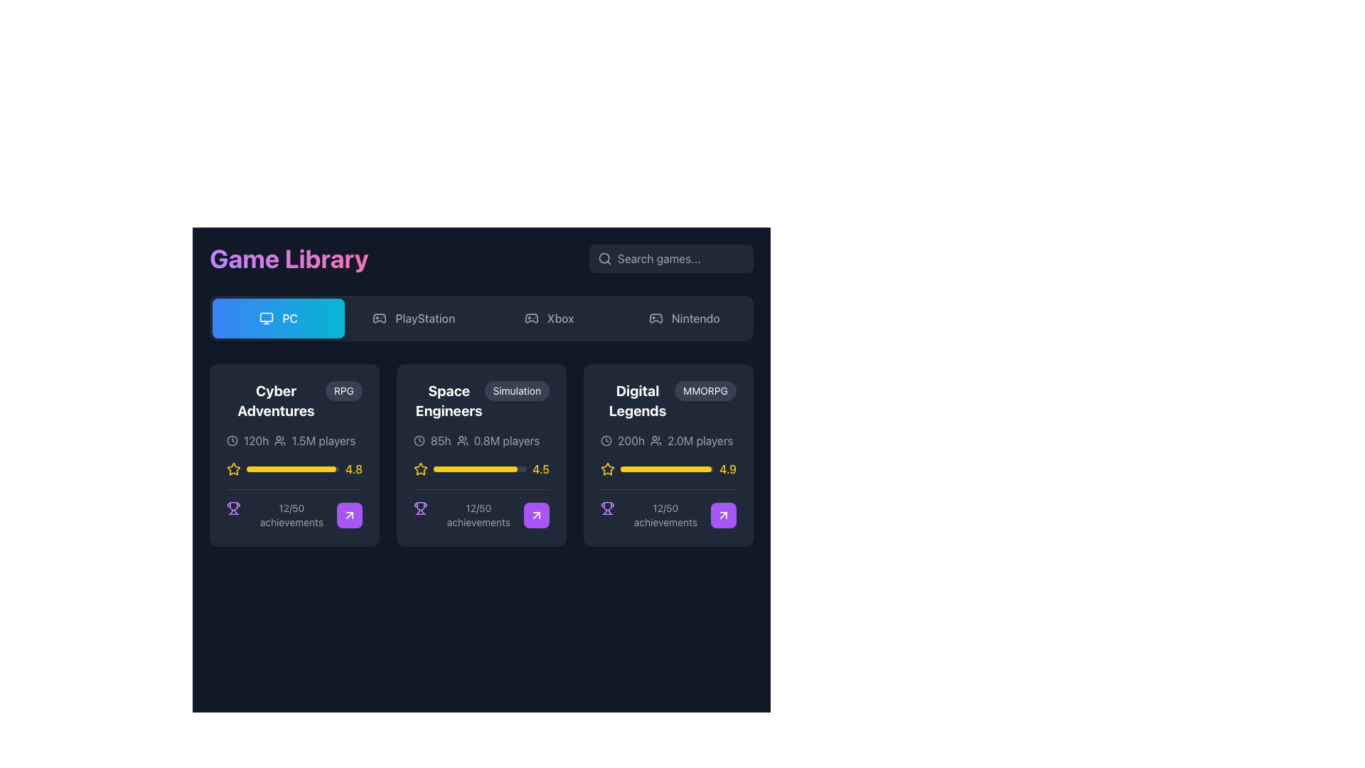  Describe the element at coordinates (232, 440) in the screenshot. I see `the circular outline of the clock icon, which is part of the clock face graphic` at that location.